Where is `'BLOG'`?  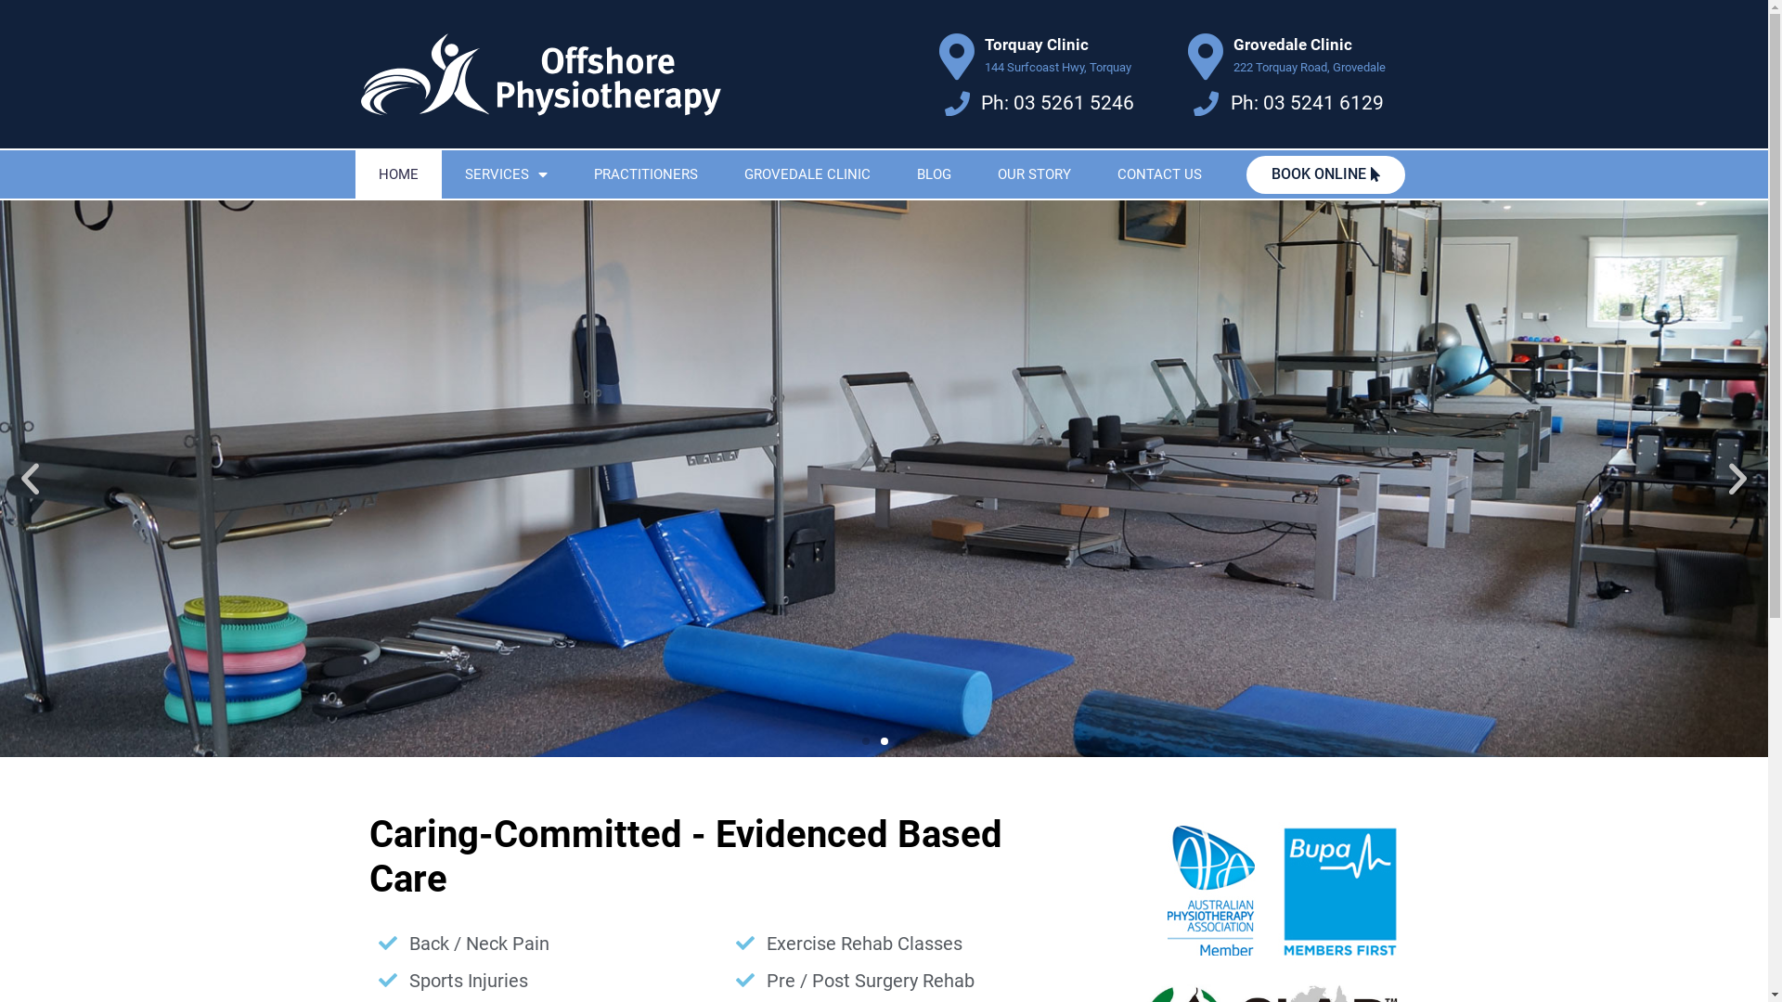
'BLOG' is located at coordinates (933, 174).